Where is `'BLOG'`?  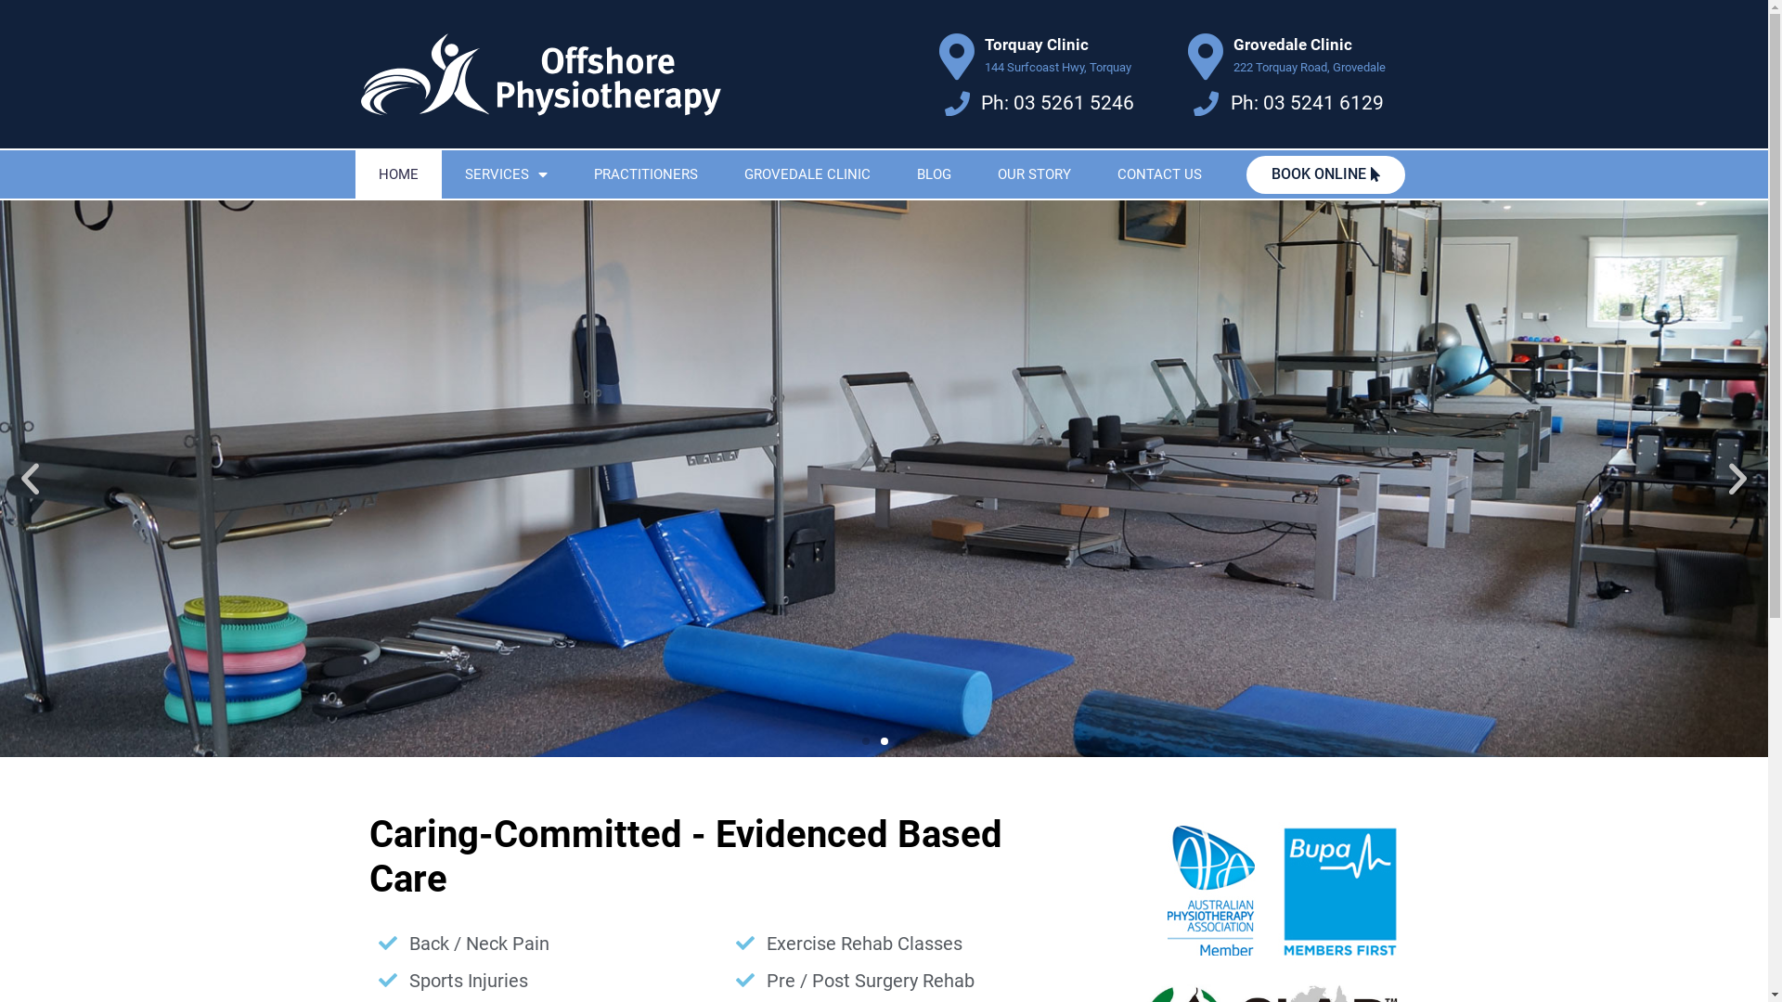
'BLOG' is located at coordinates (933, 174).